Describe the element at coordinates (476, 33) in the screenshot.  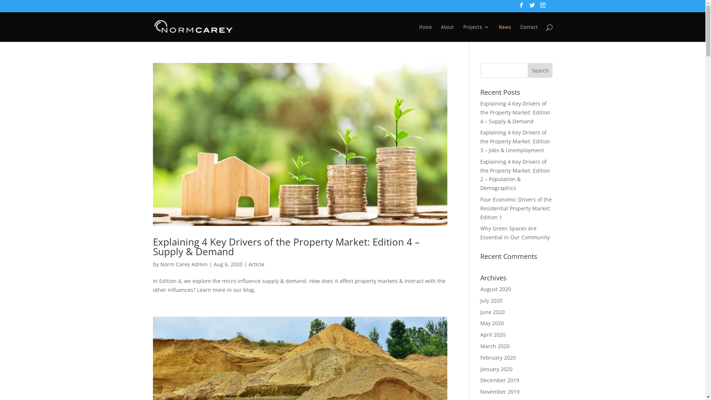
I see `'Projects'` at that location.